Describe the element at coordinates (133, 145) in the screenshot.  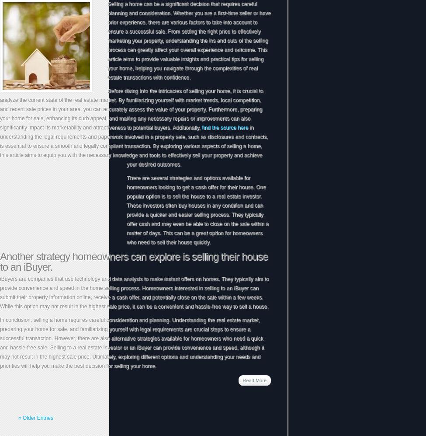
I see `'in understanding the legal requirements and paperwork involved in a property sale, such as disclosures and contracts, is essential to ensure a smooth and legally compliant transaction. By exploring various aspects of selling a home, this article aims to equip you with the necessary knowledge and tools to effectively sell your property and achieve your desired outcomes.'` at that location.